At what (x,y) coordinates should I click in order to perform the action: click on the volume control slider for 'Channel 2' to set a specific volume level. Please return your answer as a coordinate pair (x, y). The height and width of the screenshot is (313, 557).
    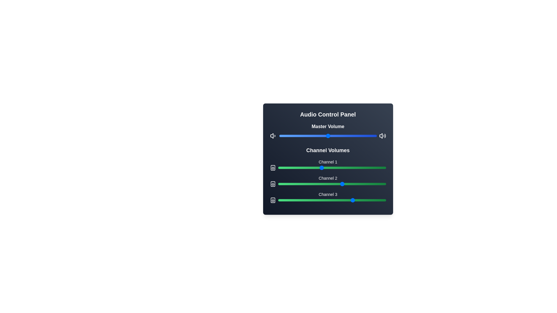
    Looking at the image, I should click on (328, 181).